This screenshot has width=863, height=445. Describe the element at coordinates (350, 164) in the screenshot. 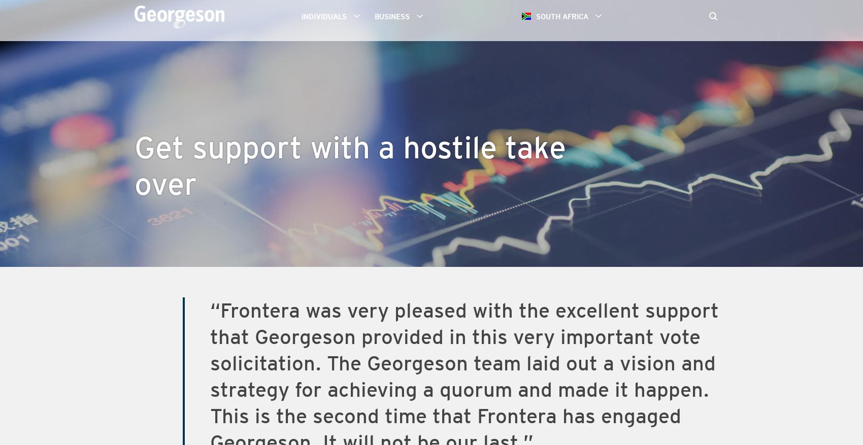

I see `'Get support with a hostile take over'` at that location.